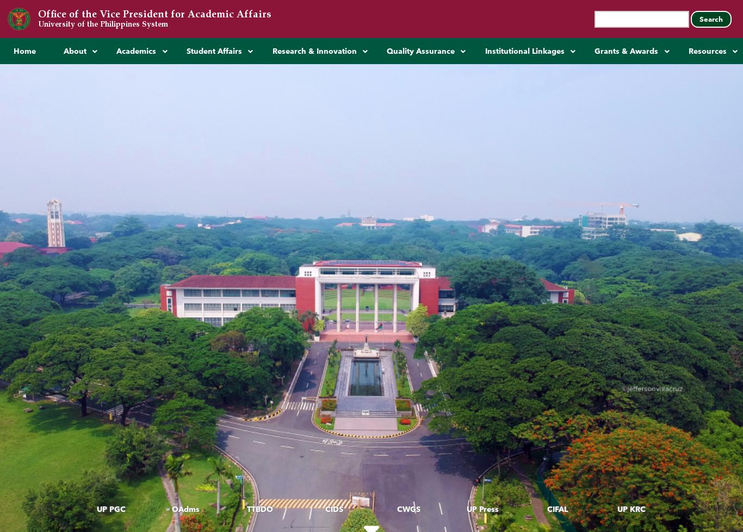  Describe the element at coordinates (650, 206) in the screenshot. I see `'Office of International Linkages Grants'` at that location.